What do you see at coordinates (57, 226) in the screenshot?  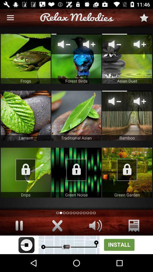 I see `the close option` at bounding box center [57, 226].